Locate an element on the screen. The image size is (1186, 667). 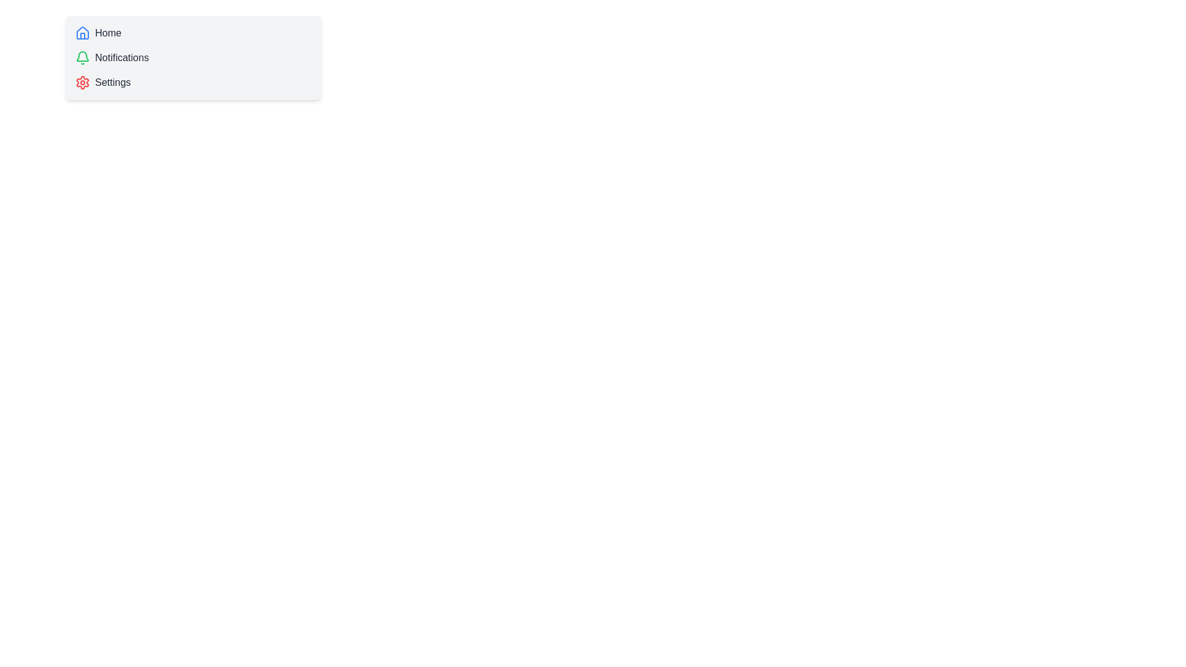
the home icon located at the top-left corner of the navigation menu is located at coordinates (82, 32).